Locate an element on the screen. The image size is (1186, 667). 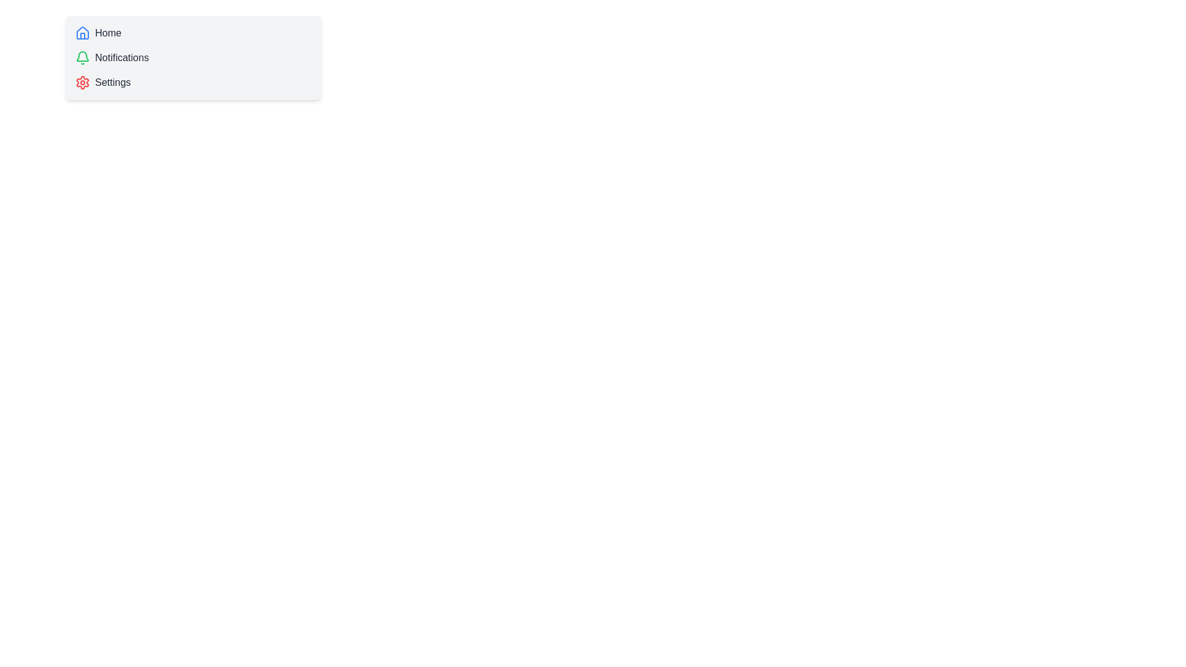
the home icon located at the top-left corner of the navigation menu is located at coordinates (82, 32).